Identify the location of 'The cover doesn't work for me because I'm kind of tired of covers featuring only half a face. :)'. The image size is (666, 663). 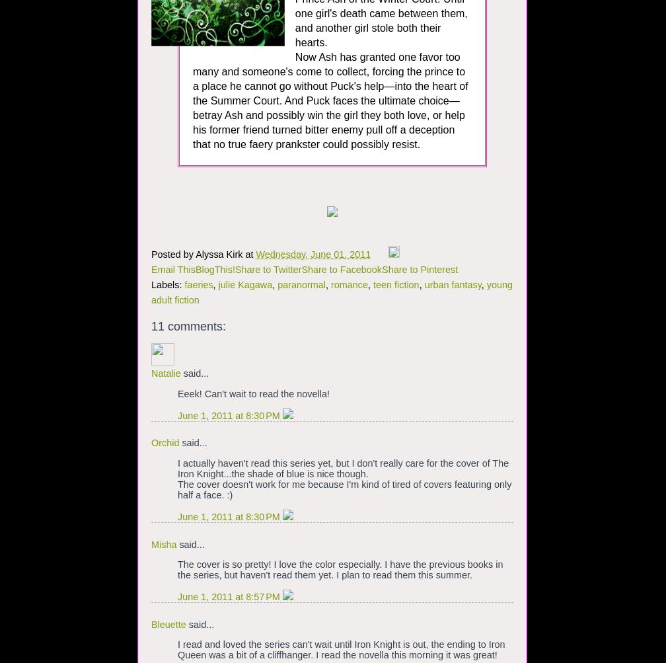
(344, 488).